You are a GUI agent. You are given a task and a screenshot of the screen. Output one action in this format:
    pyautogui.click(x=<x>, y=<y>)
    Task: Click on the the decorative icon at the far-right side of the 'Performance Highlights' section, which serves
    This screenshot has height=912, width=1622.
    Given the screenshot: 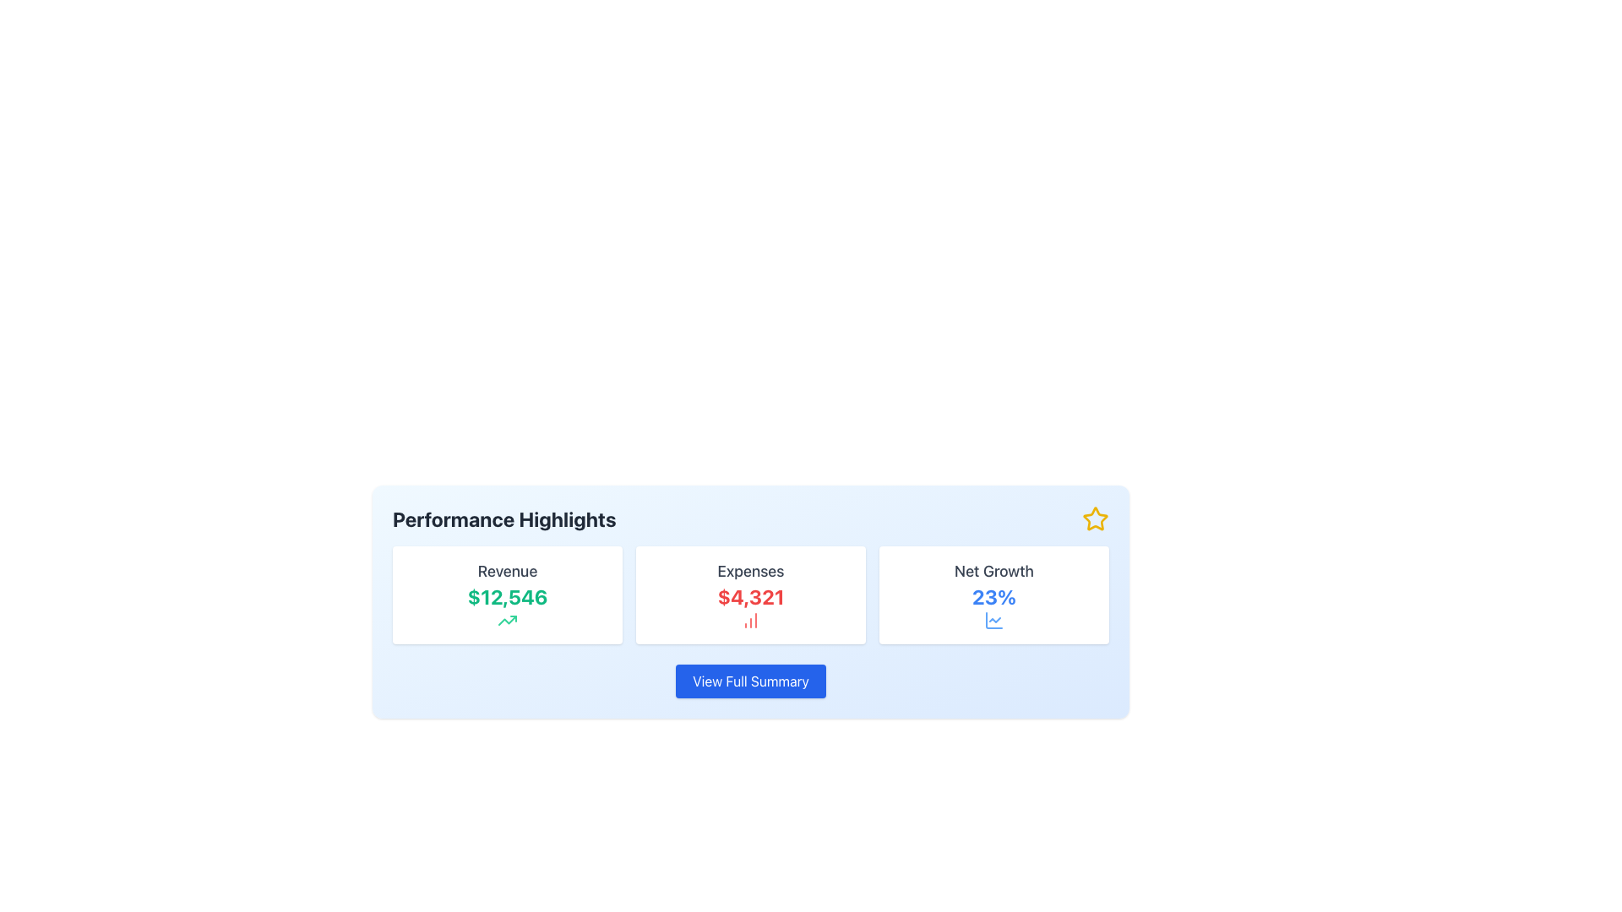 What is the action you would take?
    pyautogui.click(x=1095, y=518)
    